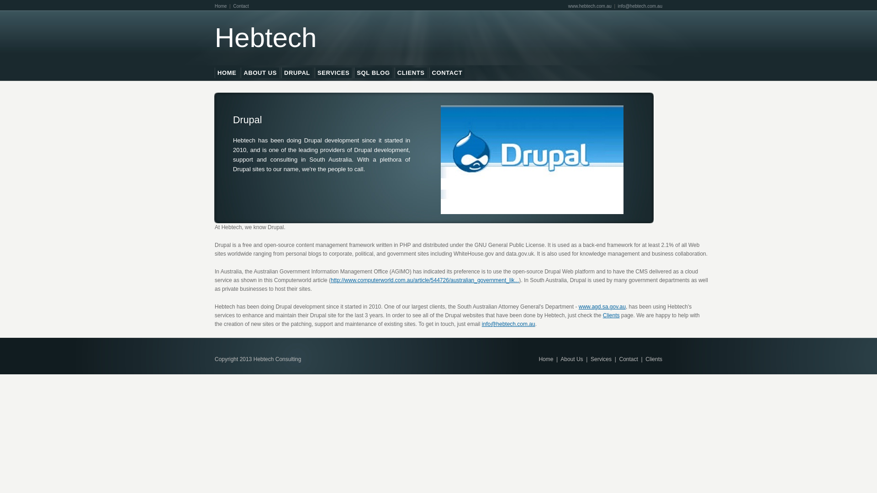 Image resolution: width=877 pixels, height=493 pixels. Describe the element at coordinates (423, 1) in the screenshot. I see `'Skip to main content'` at that location.